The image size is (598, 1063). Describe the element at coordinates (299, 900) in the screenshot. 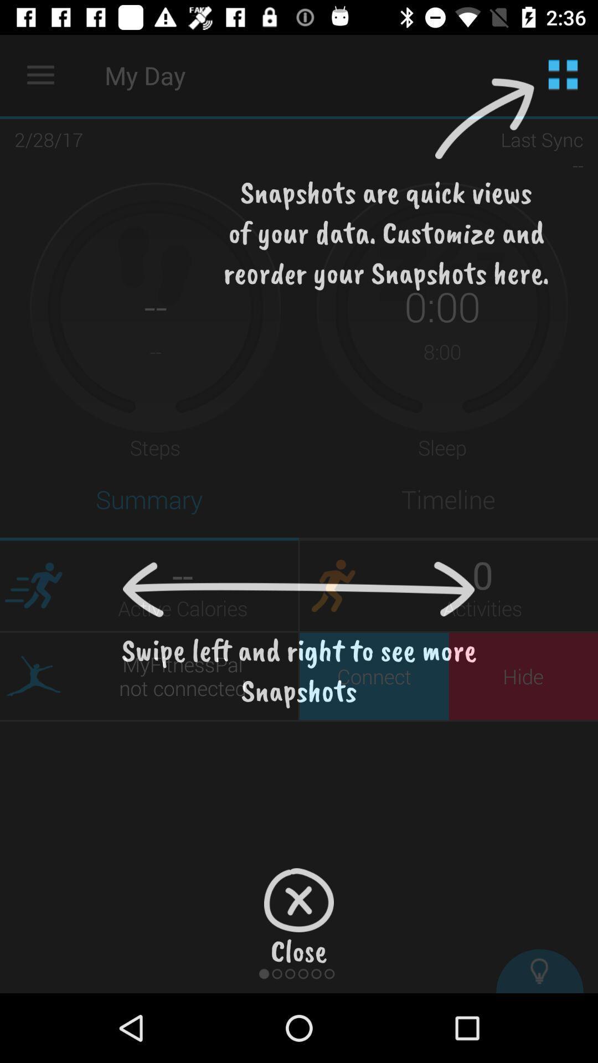

I see `the close icon` at that location.